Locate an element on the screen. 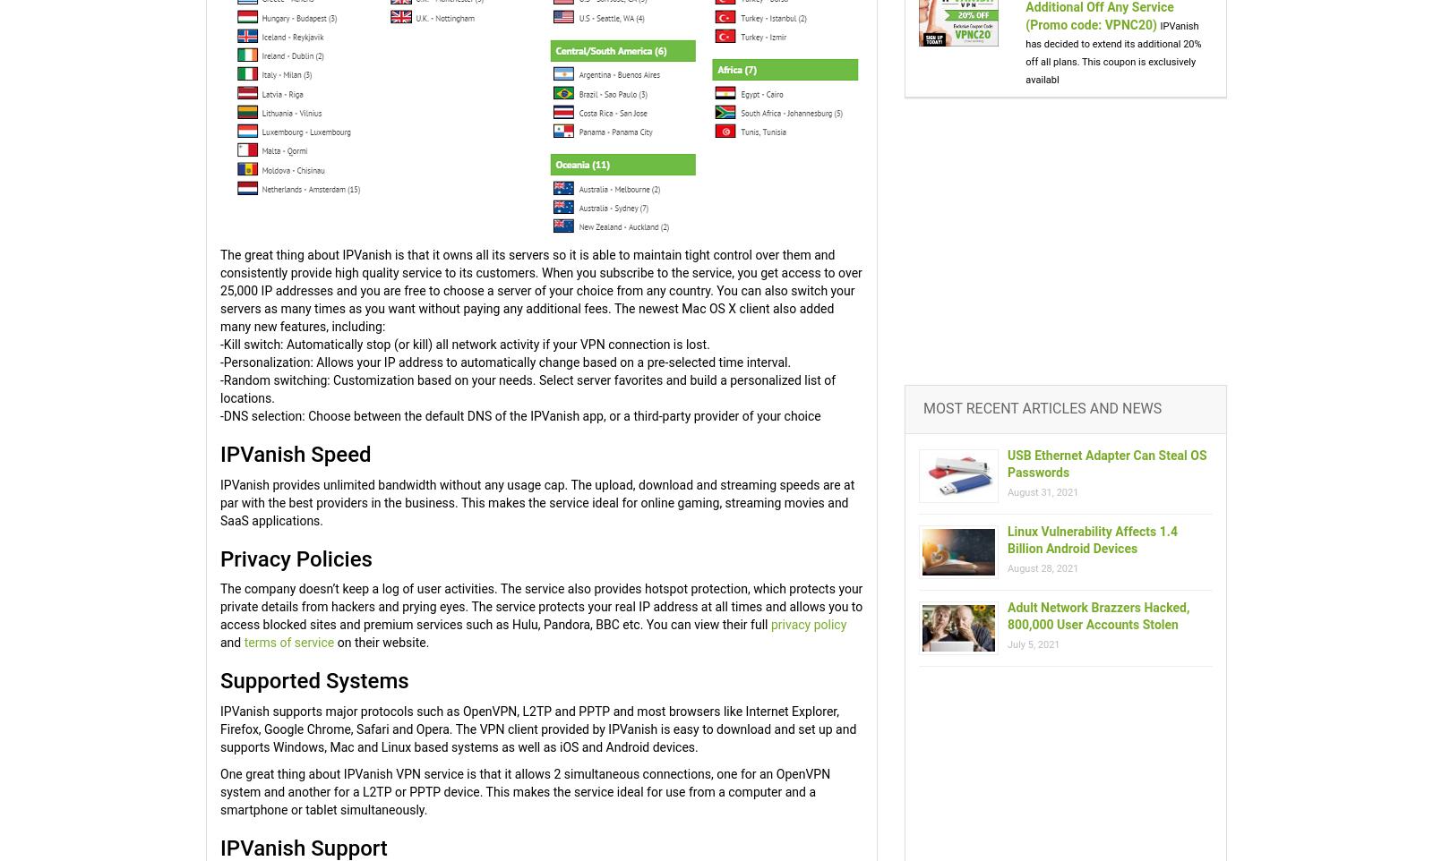 This screenshot has height=861, width=1433. 'August 31, 2021' is located at coordinates (1043, 491).